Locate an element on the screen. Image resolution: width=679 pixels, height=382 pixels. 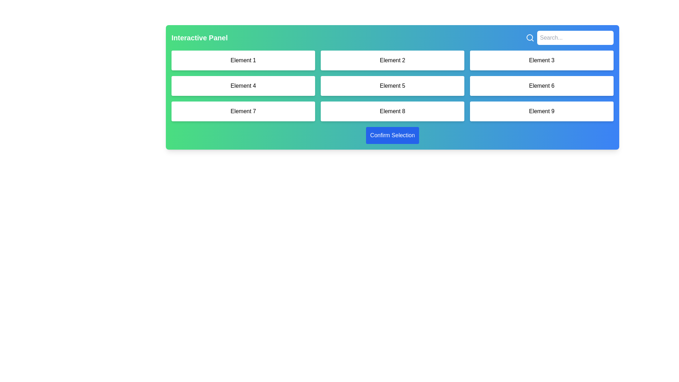
the search icon styled as a magnifying glass located on the right side of the header, next to the 'Search...' text input field is located at coordinates (530, 38).